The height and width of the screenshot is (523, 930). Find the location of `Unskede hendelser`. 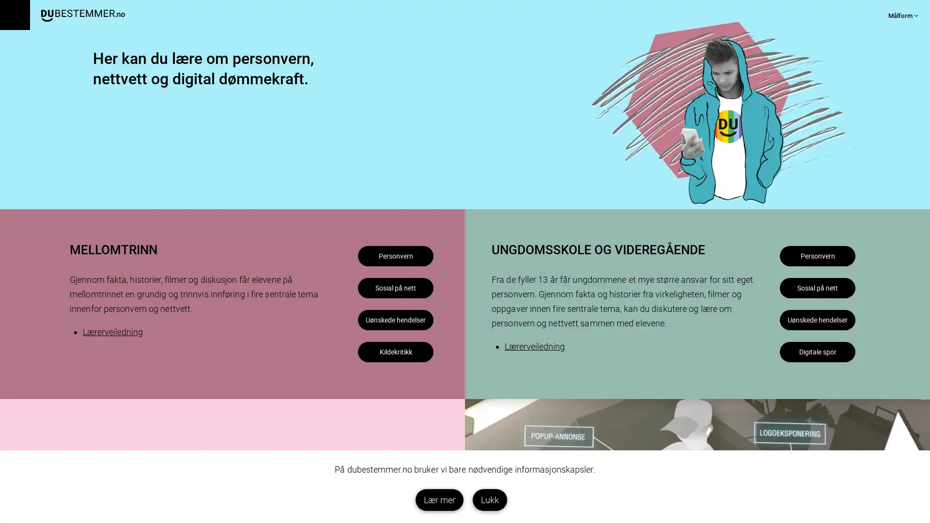

Unskede hendelser is located at coordinates (784, 365).